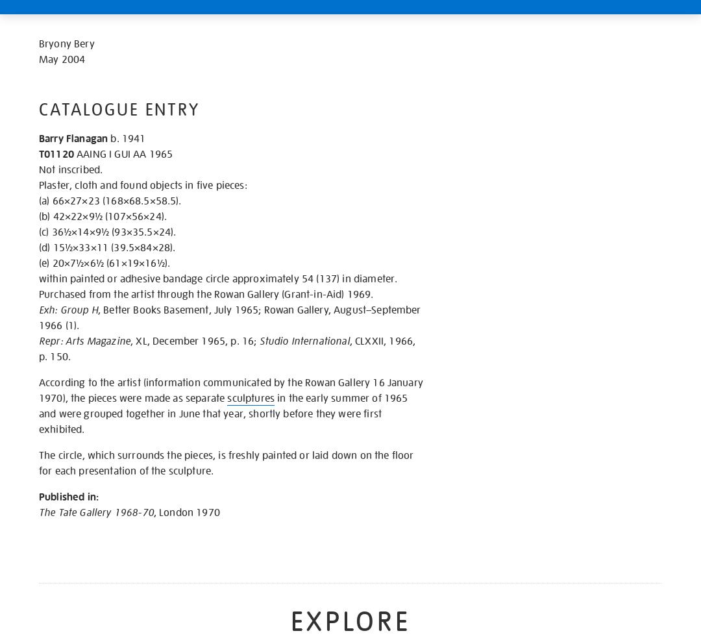  I want to click on 'The circle, which surrounds the pieces, is freshly painted or laid down on the floor for each presentation of the sculpture.', so click(225, 462).